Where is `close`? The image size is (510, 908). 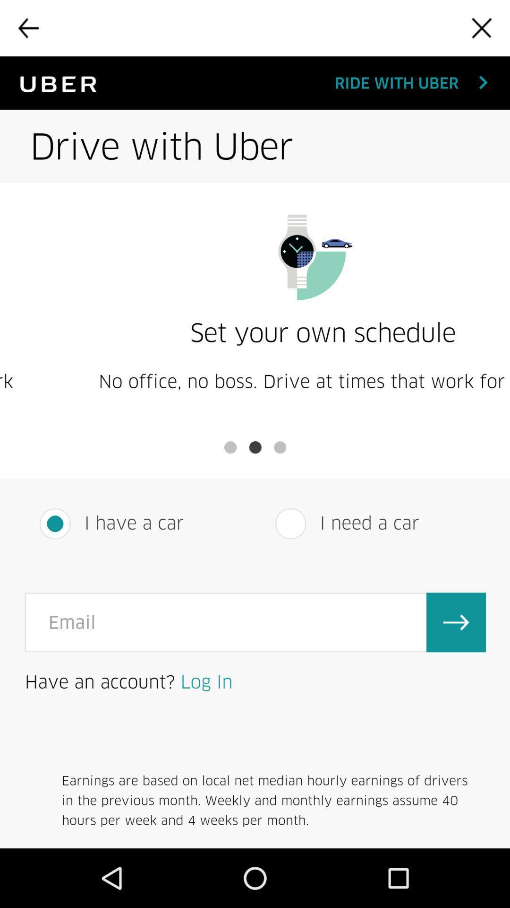 close is located at coordinates (482, 28).